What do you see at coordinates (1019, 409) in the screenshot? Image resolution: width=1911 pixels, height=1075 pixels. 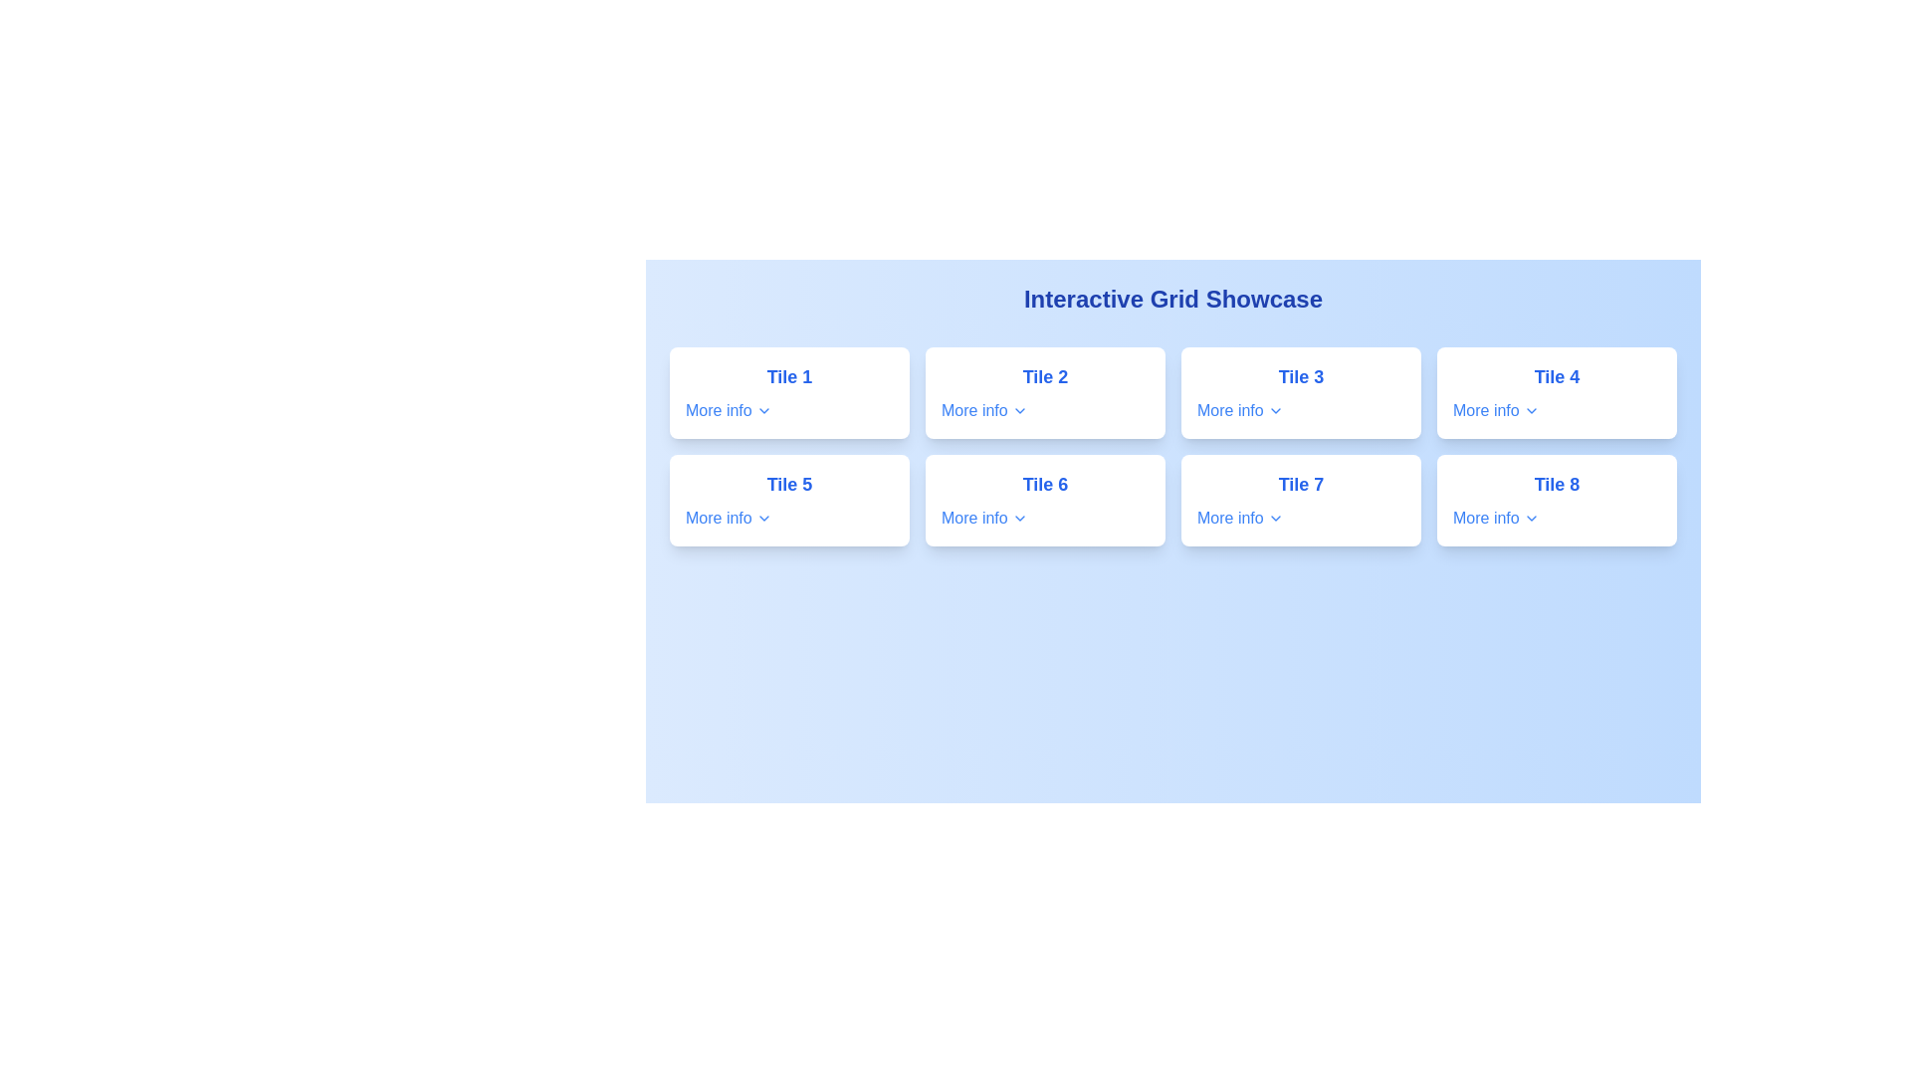 I see `the small downward-pointing chevron icon outlined with a blue stroke, located to the right of the 'More info' text in 'Tile 2'` at bounding box center [1019, 409].